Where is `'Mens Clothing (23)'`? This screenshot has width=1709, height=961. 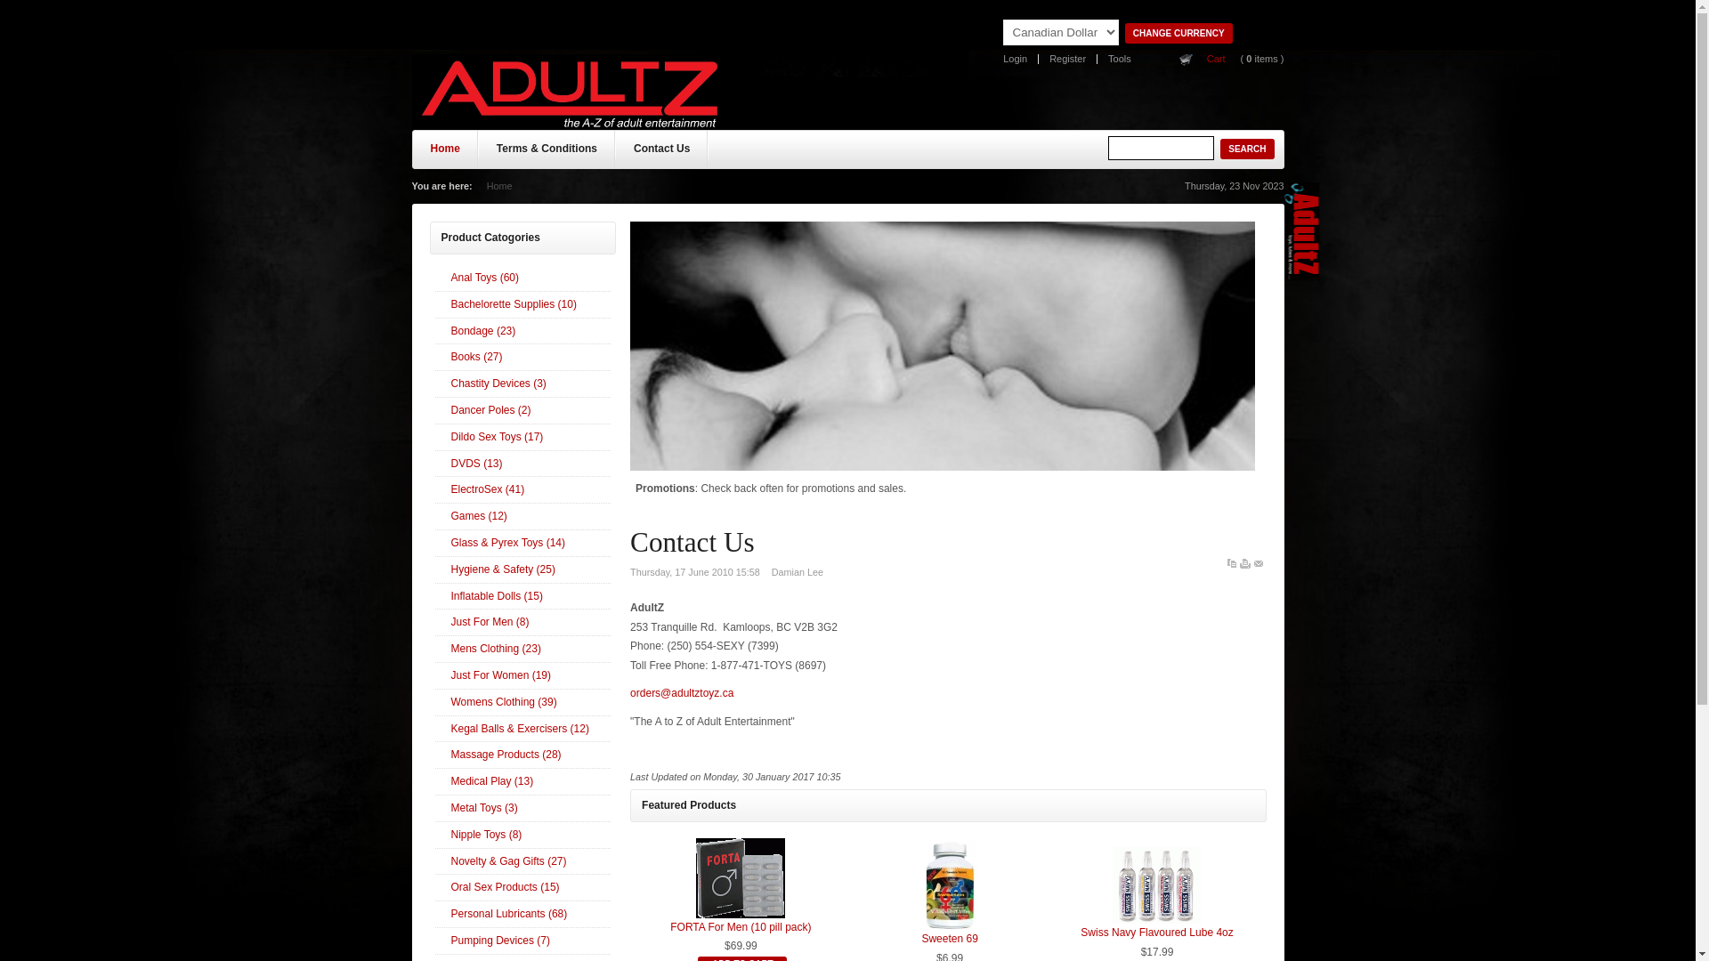
'Mens Clothing (23)' is located at coordinates (521, 649).